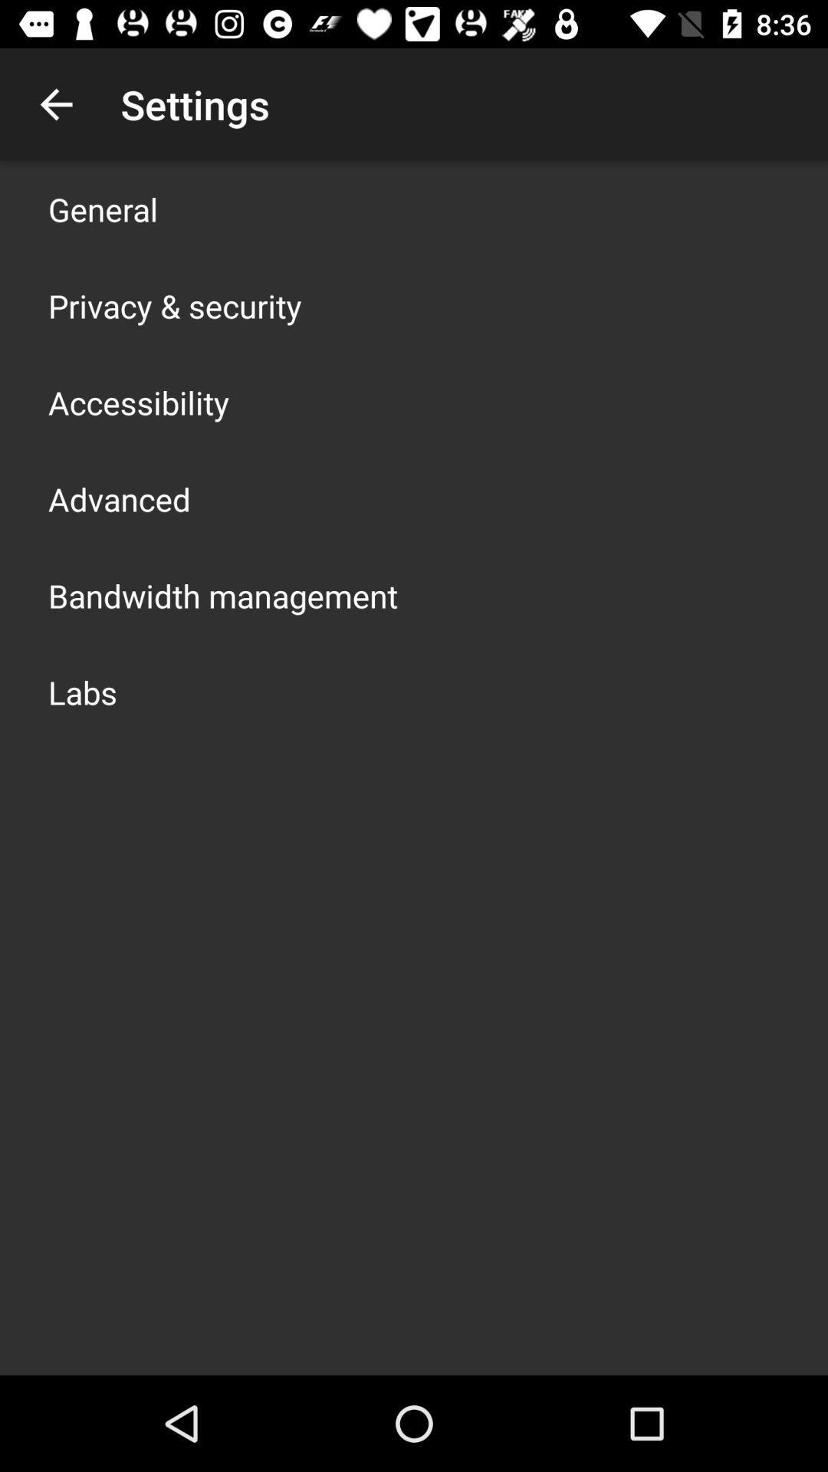 This screenshot has height=1472, width=828. I want to click on the advanced, so click(118, 499).